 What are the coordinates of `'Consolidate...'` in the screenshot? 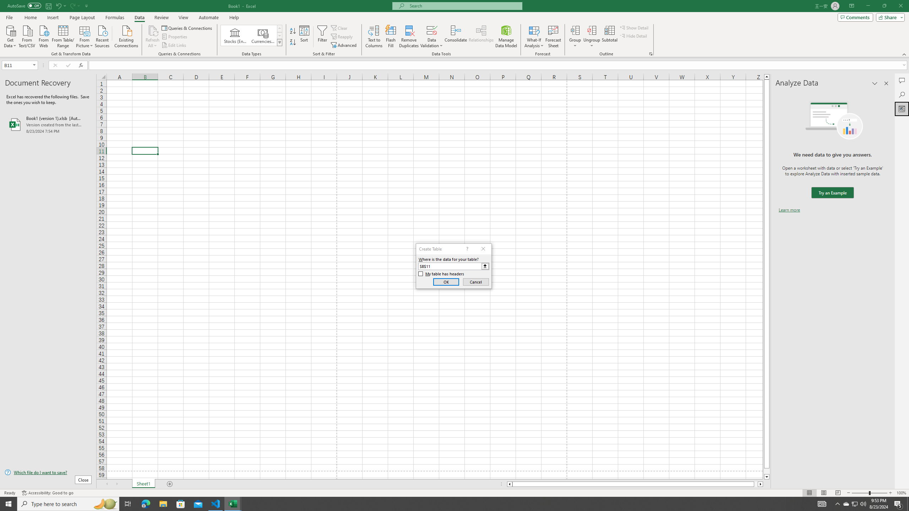 It's located at (456, 37).